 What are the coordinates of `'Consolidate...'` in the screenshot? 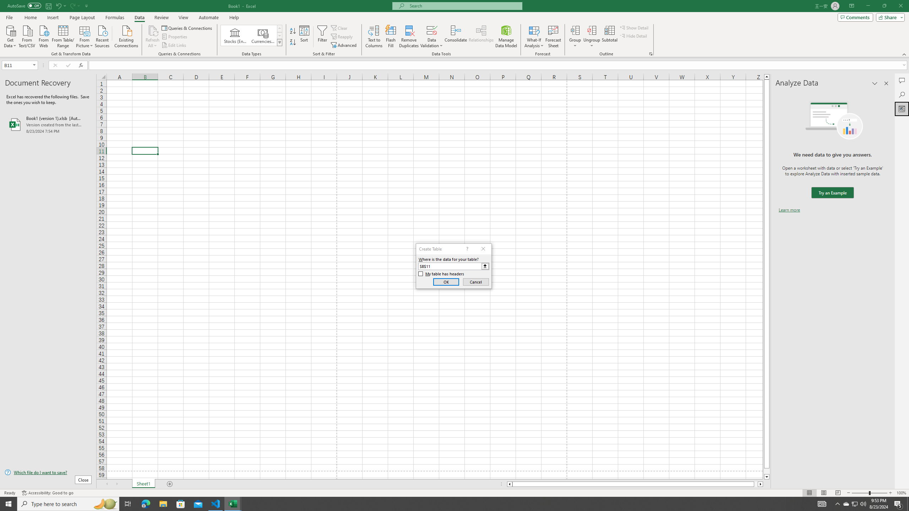 It's located at (456, 37).